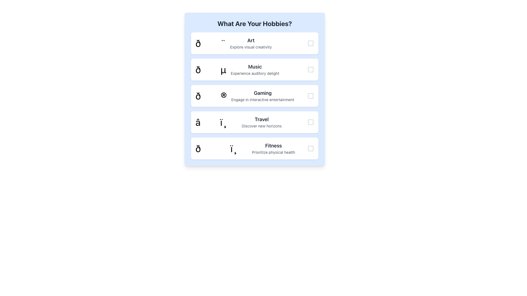 The image size is (527, 296). I want to click on the Text Label element that displays the word 'Music' in bold and the phrase 'Experience auditory delight' beneath it, which is centrally aligned and located in the second row of hobby options, so click(255, 69).